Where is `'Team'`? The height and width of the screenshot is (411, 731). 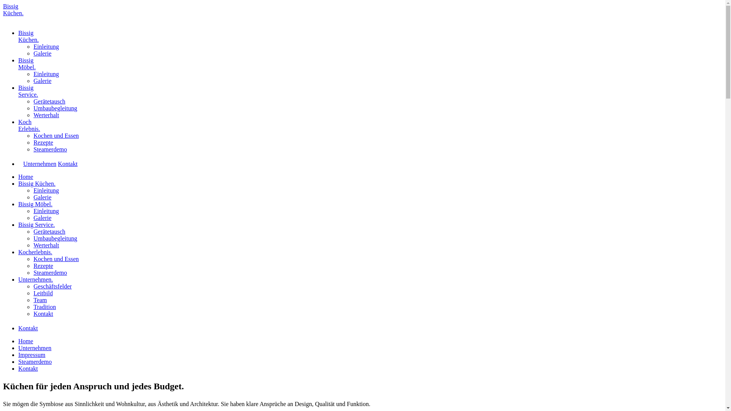
'Team' is located at coordinates (33, 299).